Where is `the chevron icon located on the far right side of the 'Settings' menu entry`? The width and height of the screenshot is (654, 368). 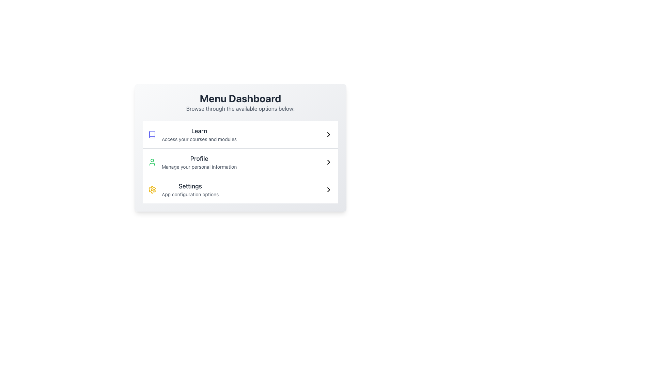
the chevron icon located on the far right side of the 'Settings' menu entry is located at coordinates (328, 189).